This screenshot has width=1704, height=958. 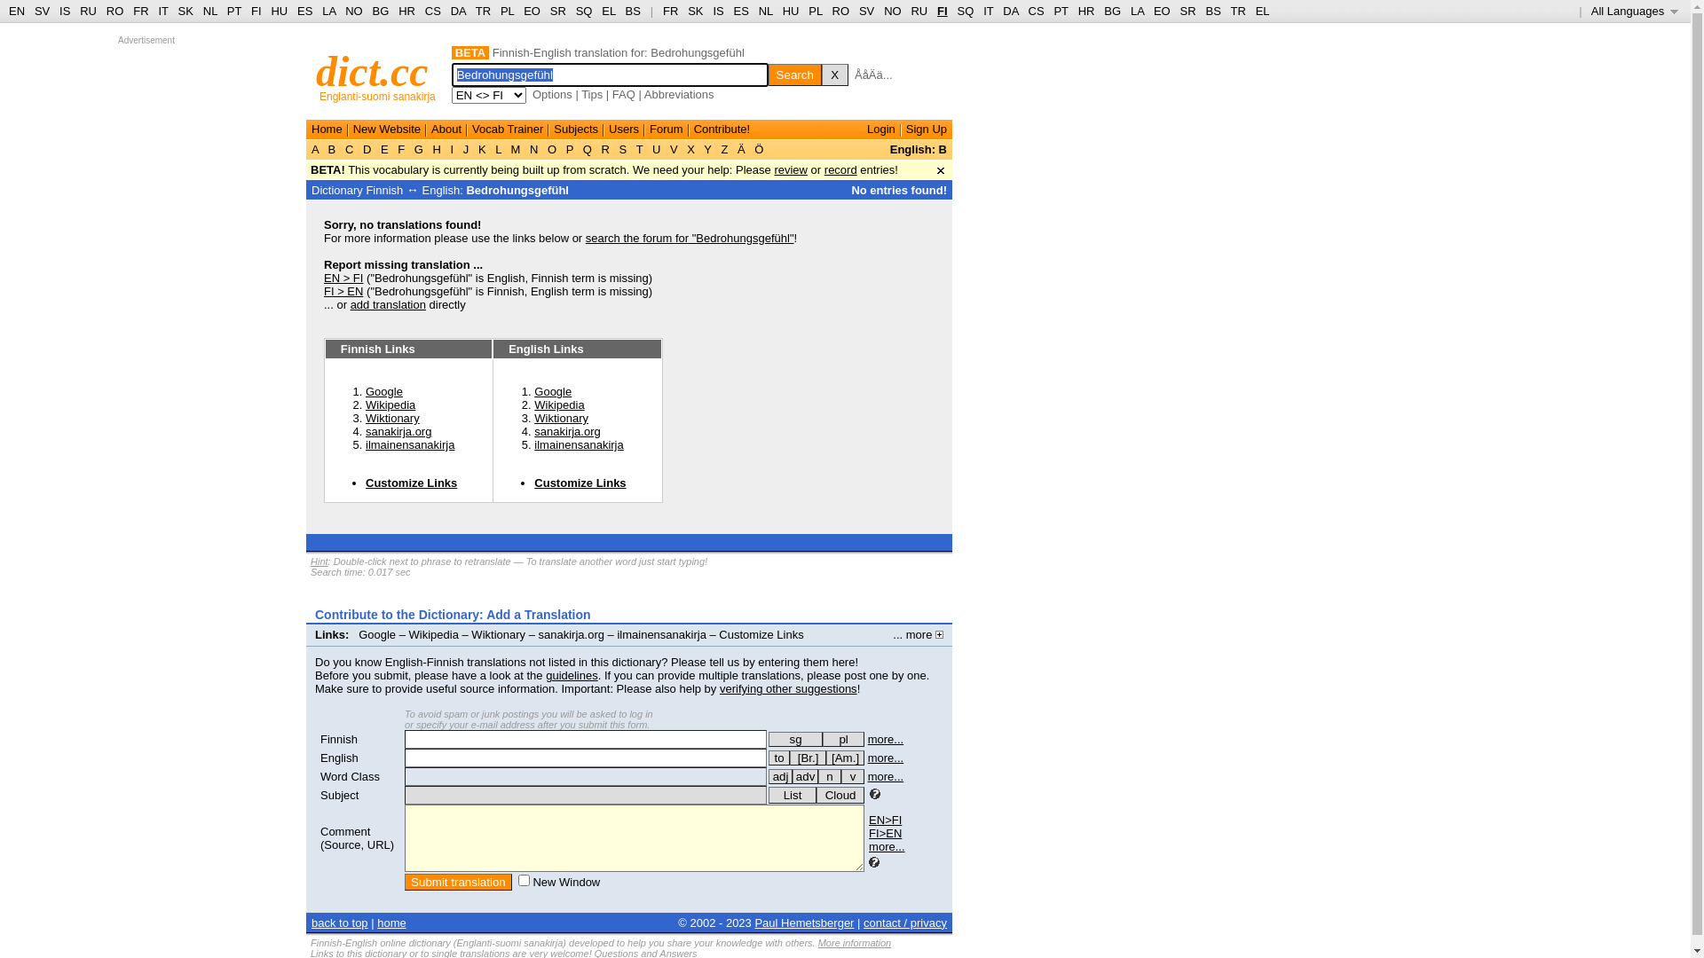 What do you see at coordinates (840, 169) in the screenshot?
I see `'record'` at bounding box center [840, 169].